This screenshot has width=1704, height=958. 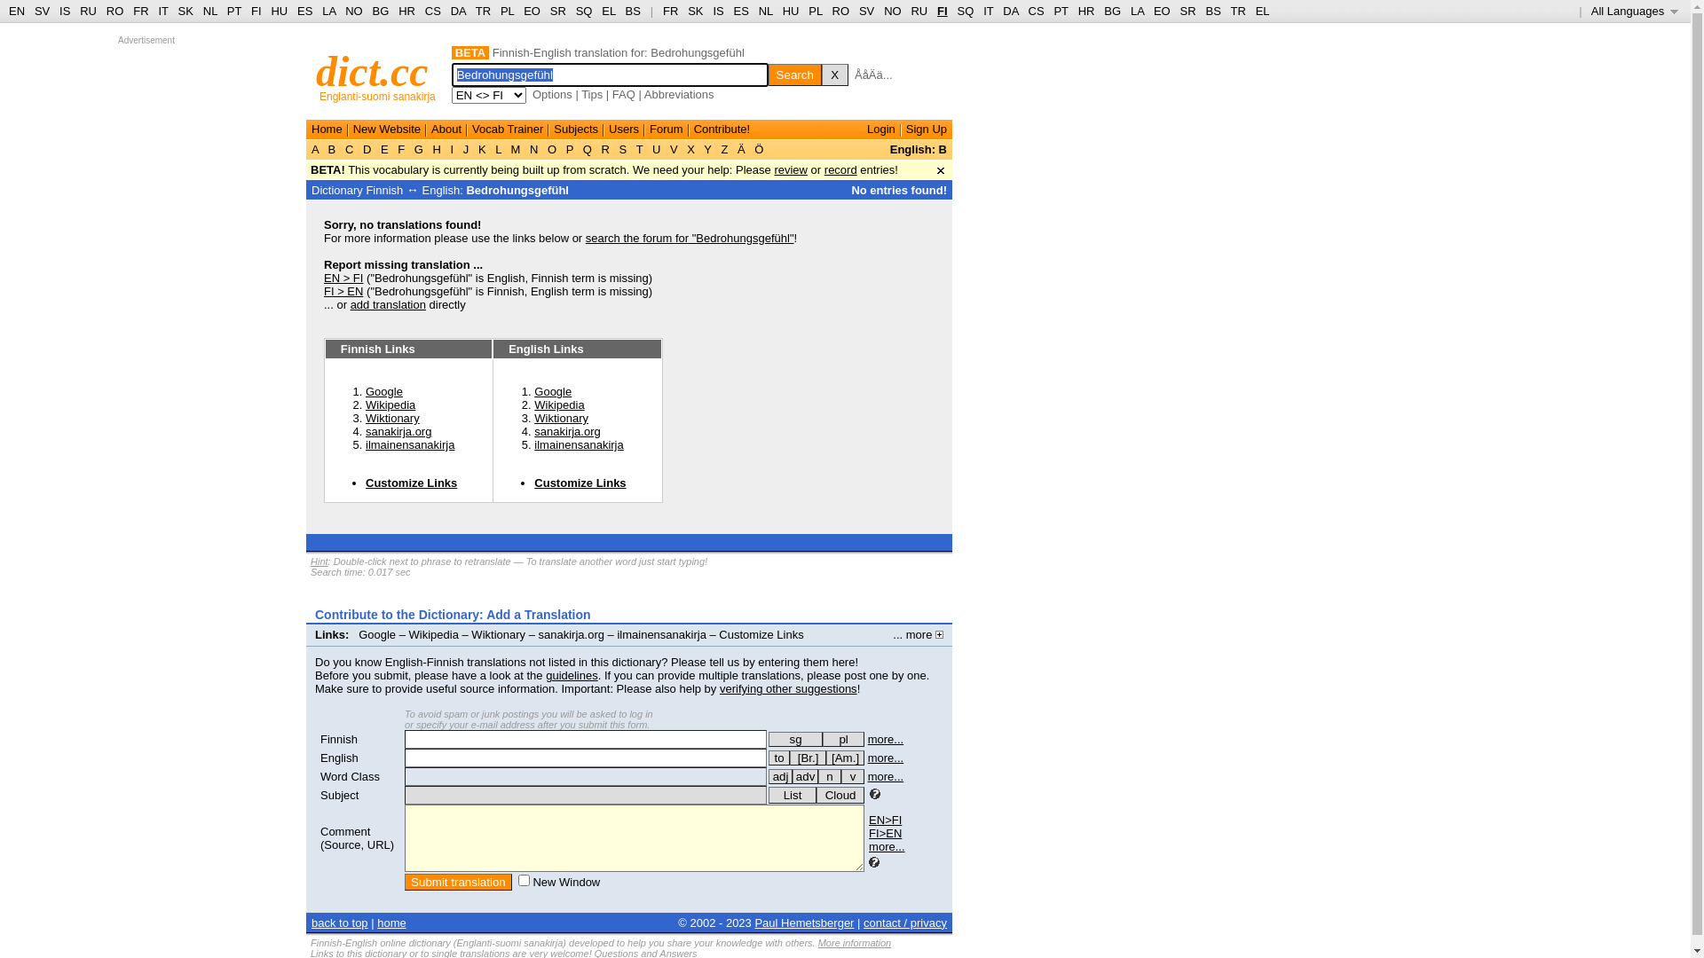 What do you see at coordinates (840, 169) in the screenshot?
I see `'record'` at bounding box center [840, 169].